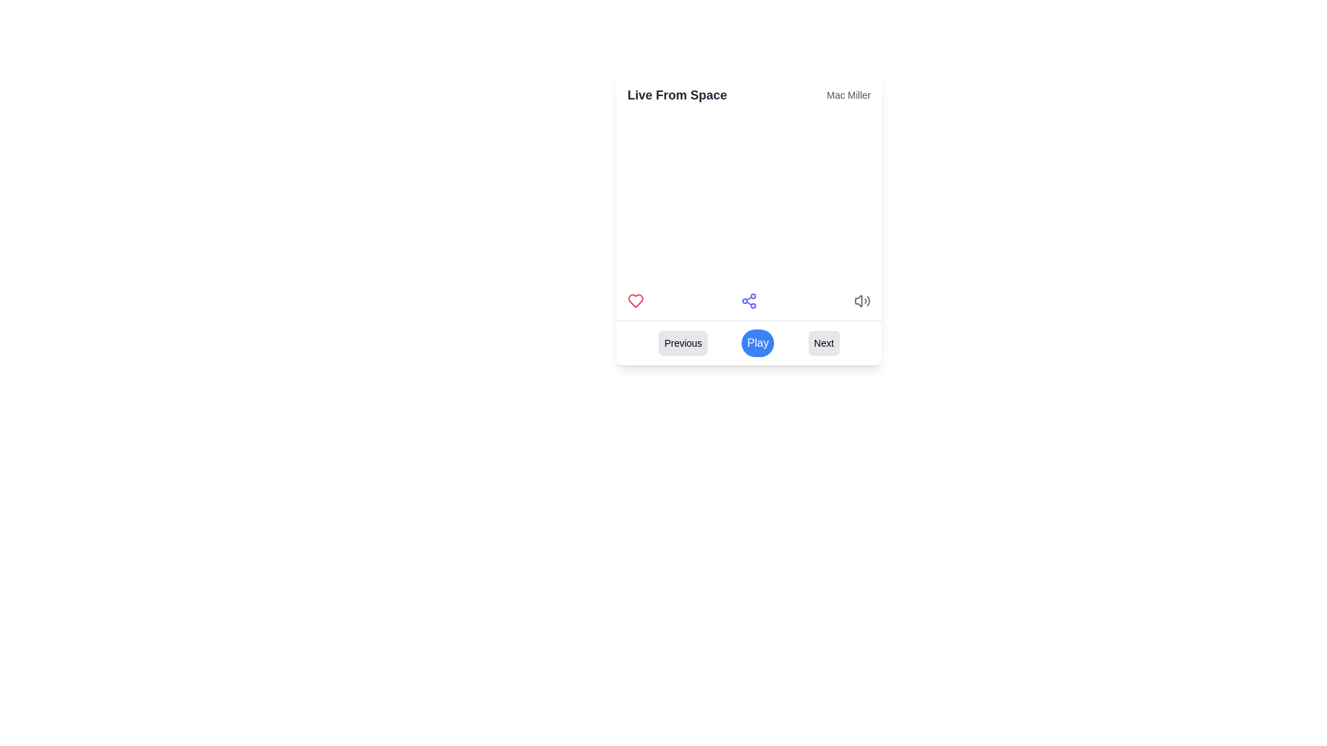 Image resolution: width=1327 pixels, height=746 pixels. Describe the element at coordinates (635, 300) in the screenshot. I see `the first icon button from the left in a row of interactive elements` at that location.